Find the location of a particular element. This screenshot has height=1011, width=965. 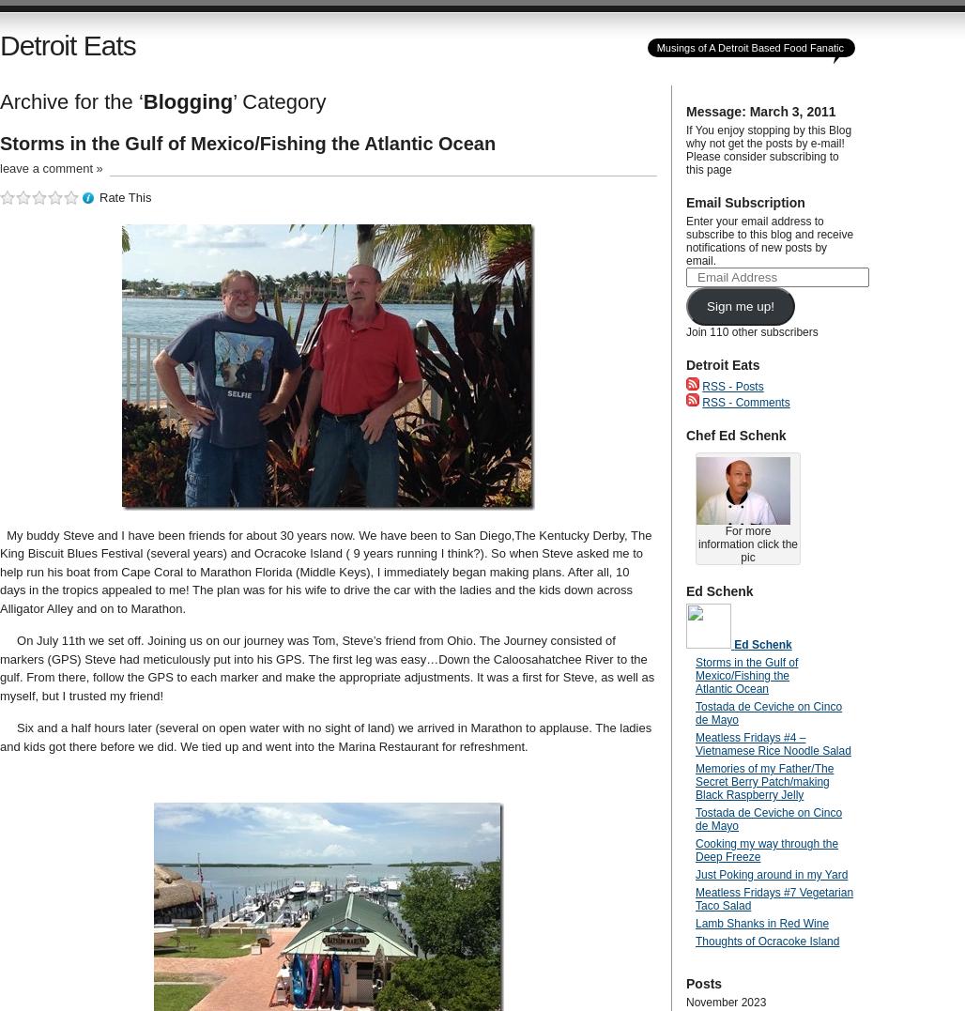

'Memories of my Father/The Secret Berry Patch/making Black Raspberry Jelly' is located at coordinates (694, 780).